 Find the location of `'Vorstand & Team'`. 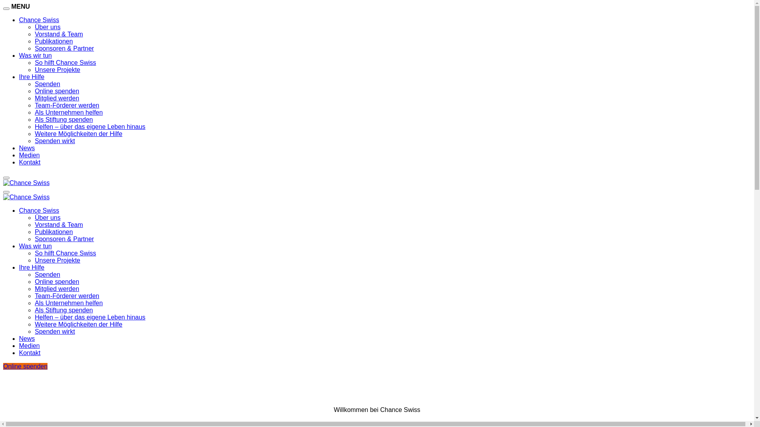

'Vorstand & Team' is located at coordinates (58, 34).